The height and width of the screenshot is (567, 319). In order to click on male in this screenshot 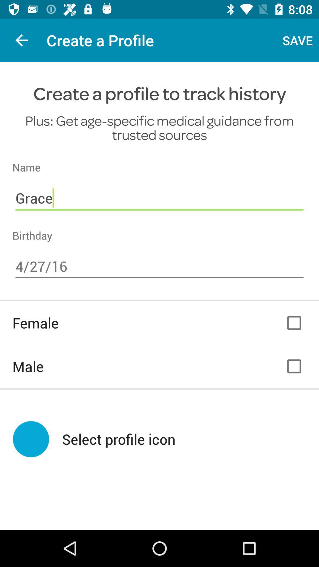, I will do `click(294, 366)`.